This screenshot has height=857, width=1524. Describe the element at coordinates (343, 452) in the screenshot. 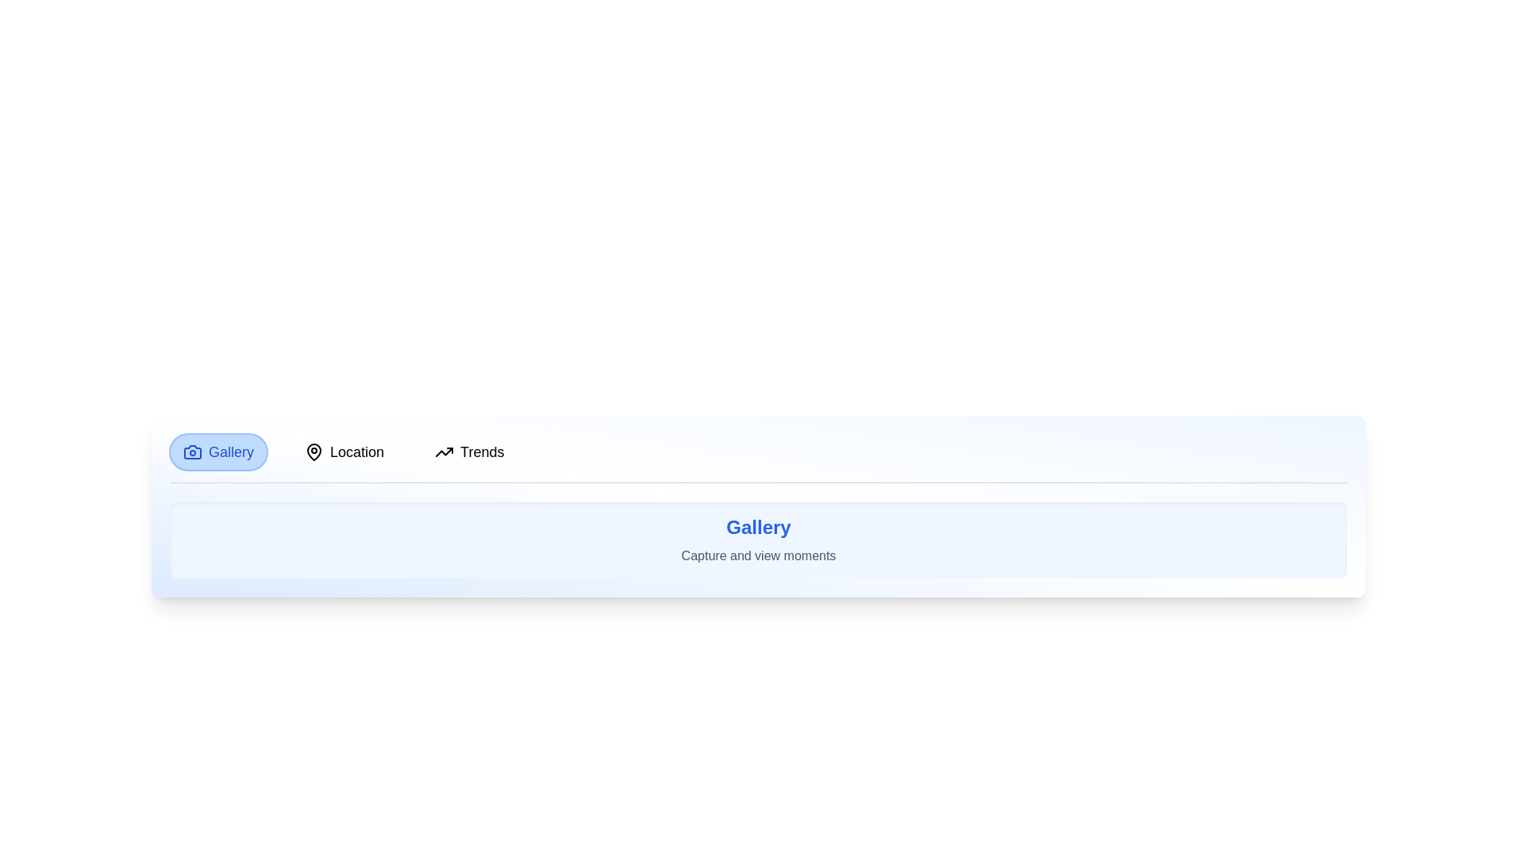

I see `the Location tab` at that location.